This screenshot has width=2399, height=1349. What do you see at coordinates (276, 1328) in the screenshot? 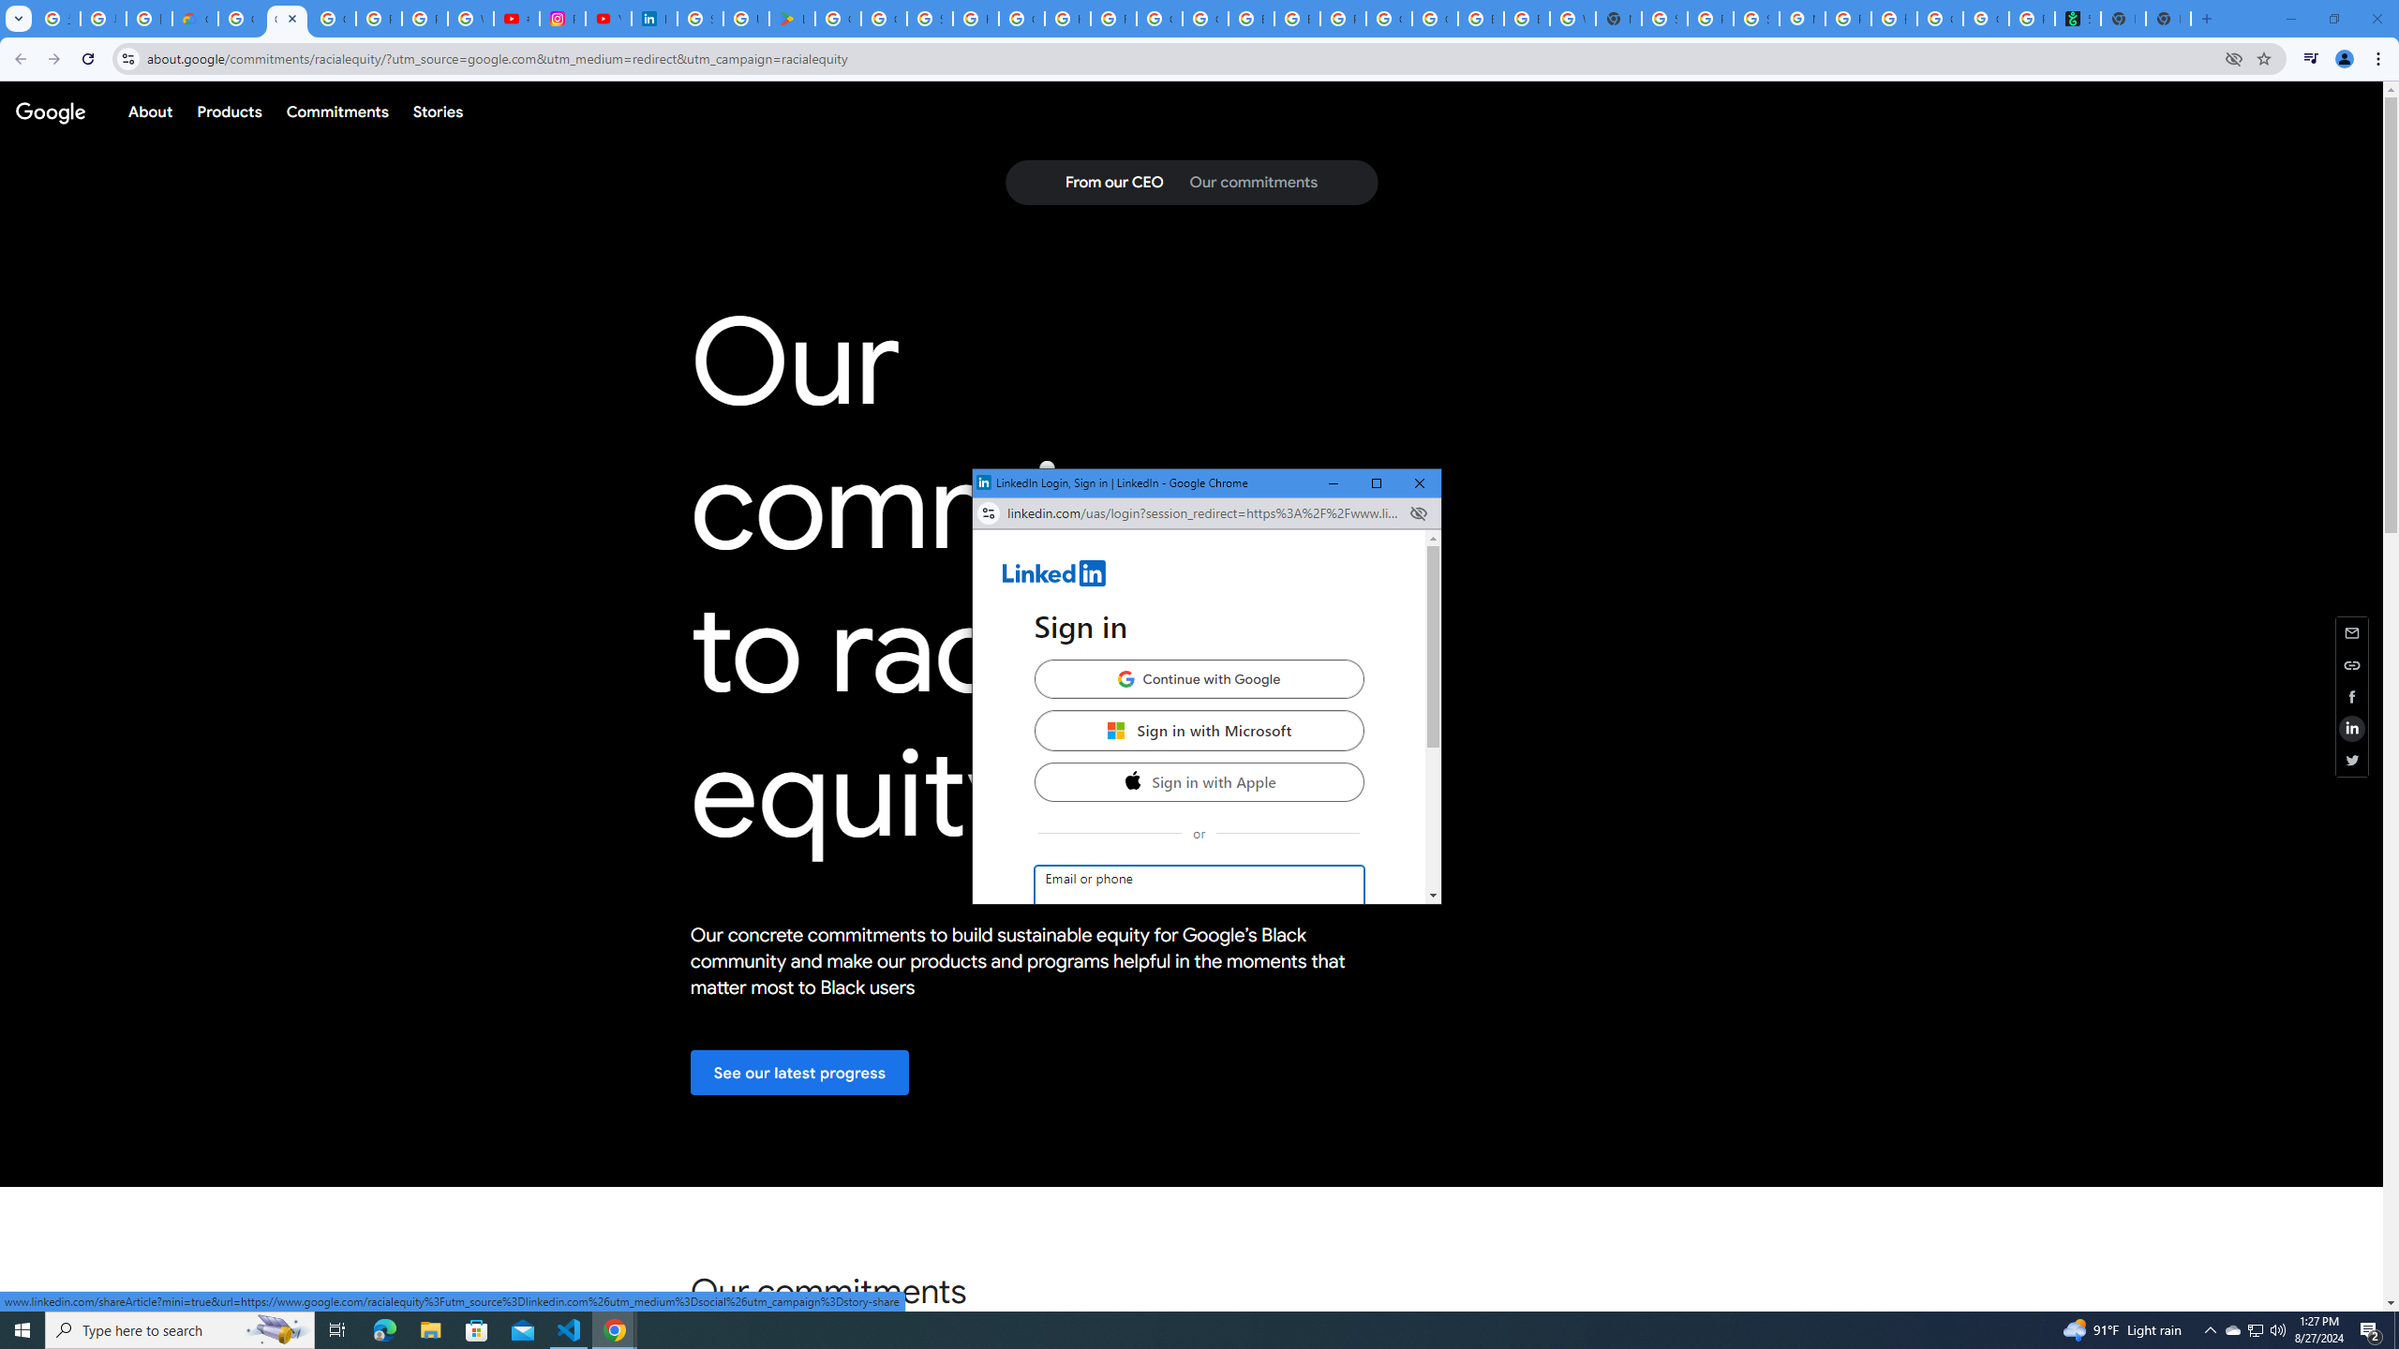
I see `'Search highlights icon opens search home window'` at bounding box center [276, 1328].